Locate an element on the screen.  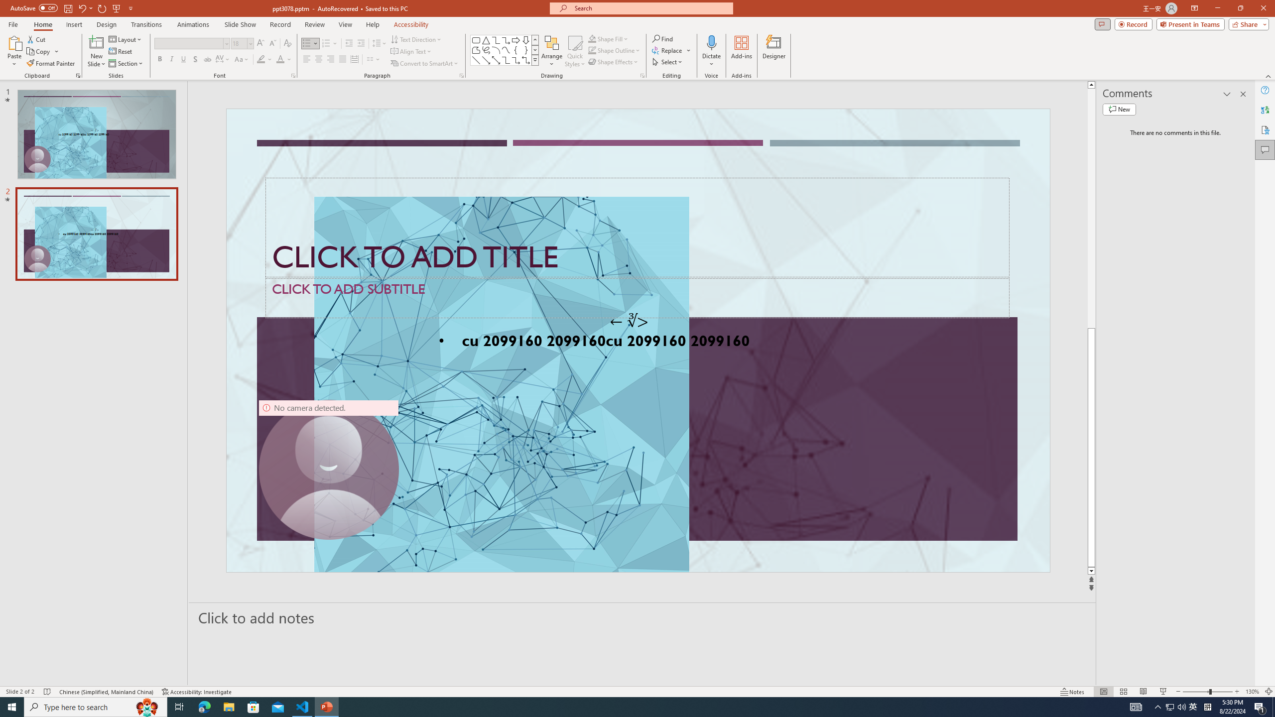
'Save' is located at coordinates (67, 7).